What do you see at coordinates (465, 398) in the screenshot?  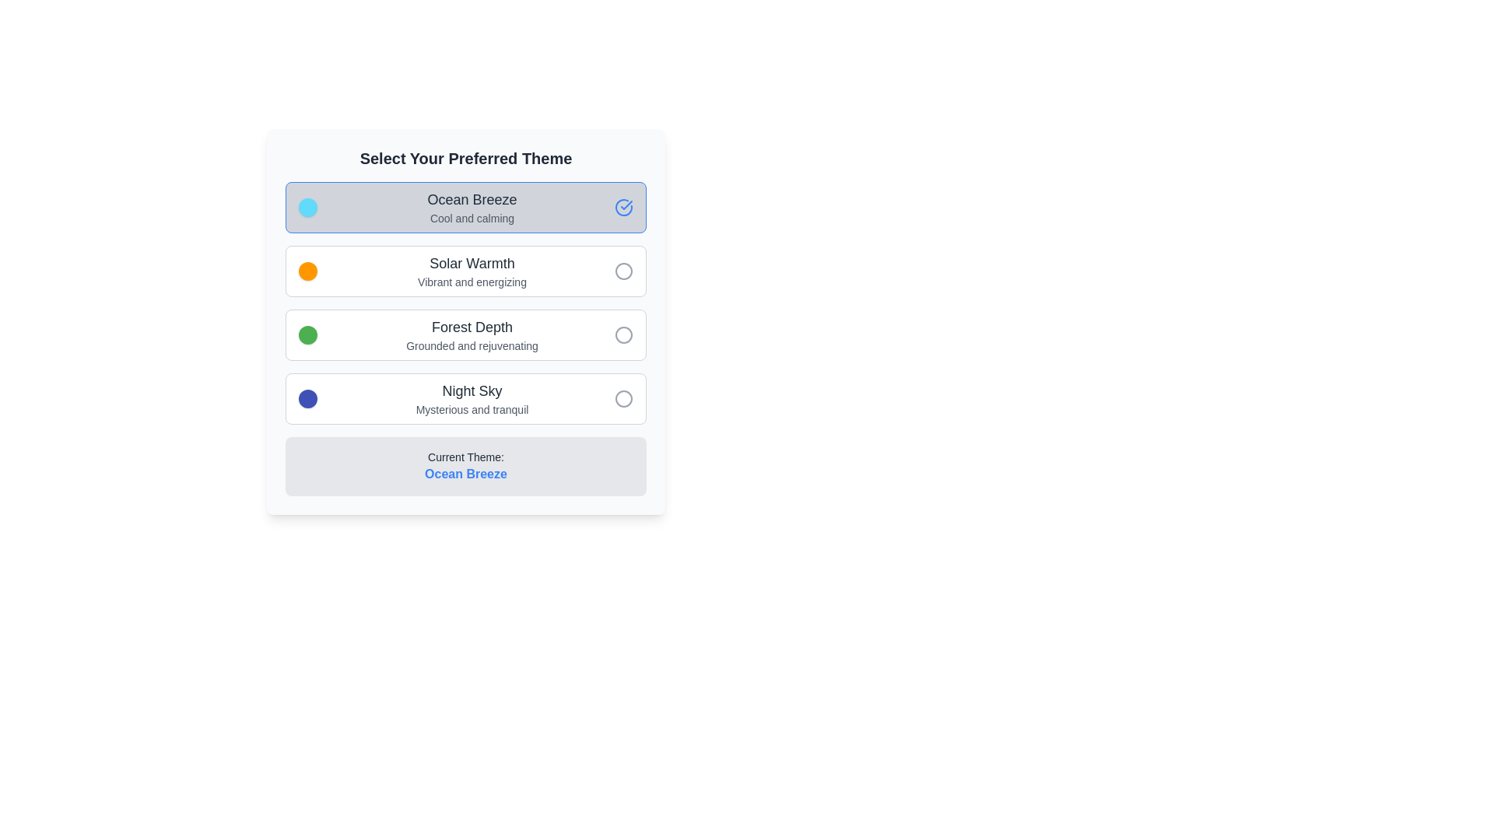 I see `the selectable list item for the 'Night Sky' theme, which is the fourth option in a vertical list of theme selections` at bounding box center [465, 398].